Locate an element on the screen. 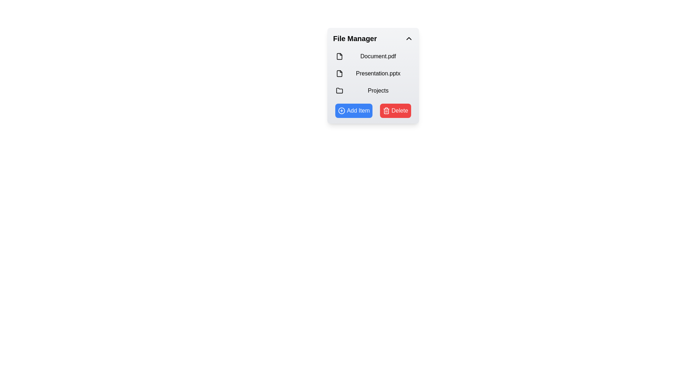  the Icon button or toggle located on the upper-right side of the 'File Manager' section is located at coordinates (409, 39).